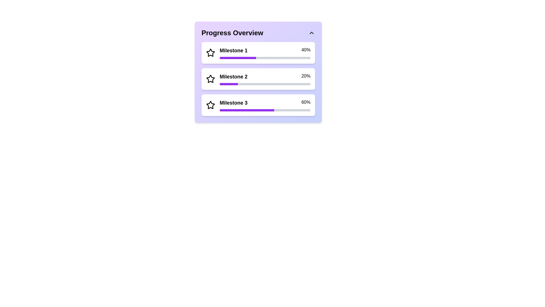 The height and width of the screenshot is (307, 545). What do you see at coordinates (247, 110) in the screenshot?
I see `the progress bar displaying 60% for 'Milestone 3' in the 'Progress Overview' panel` at bounding box center [247, 110].